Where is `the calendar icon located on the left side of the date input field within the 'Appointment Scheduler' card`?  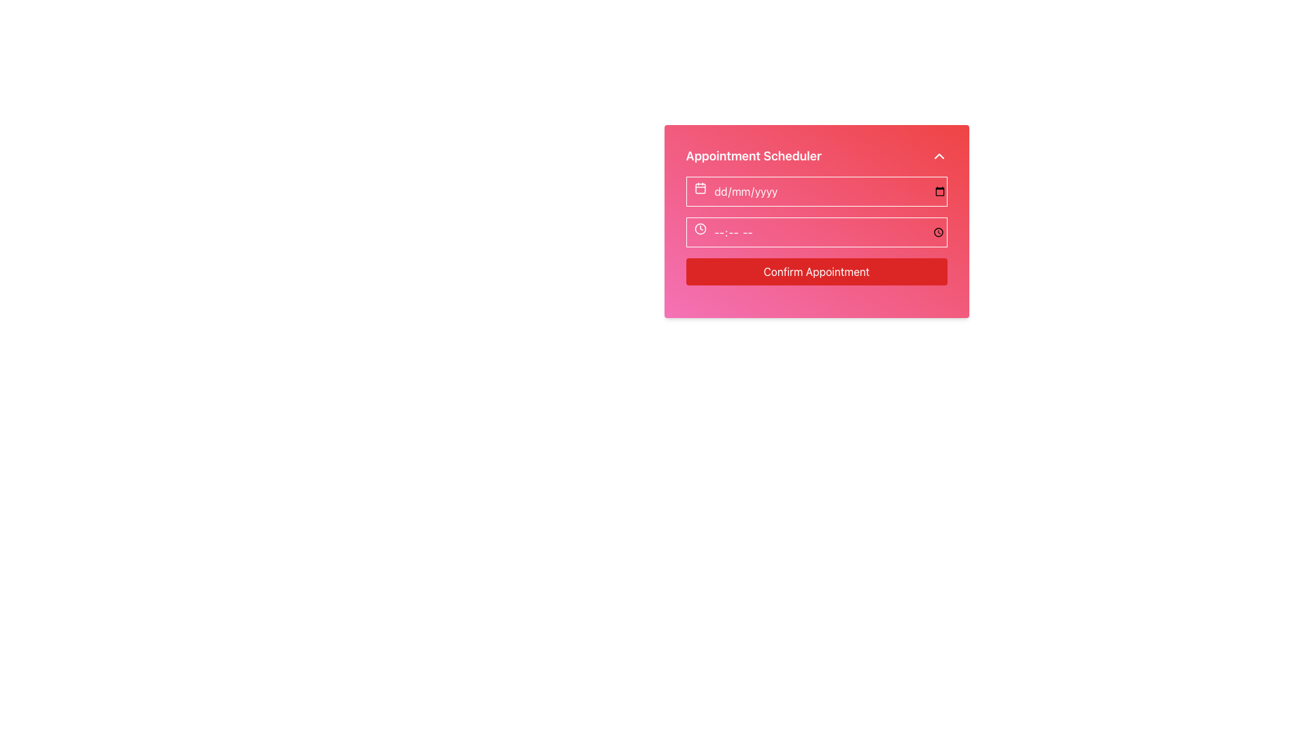 the calendar icon located on the left side of the date input field within the 'Appointment Scheduler' card is located at coordinates (700, 188).